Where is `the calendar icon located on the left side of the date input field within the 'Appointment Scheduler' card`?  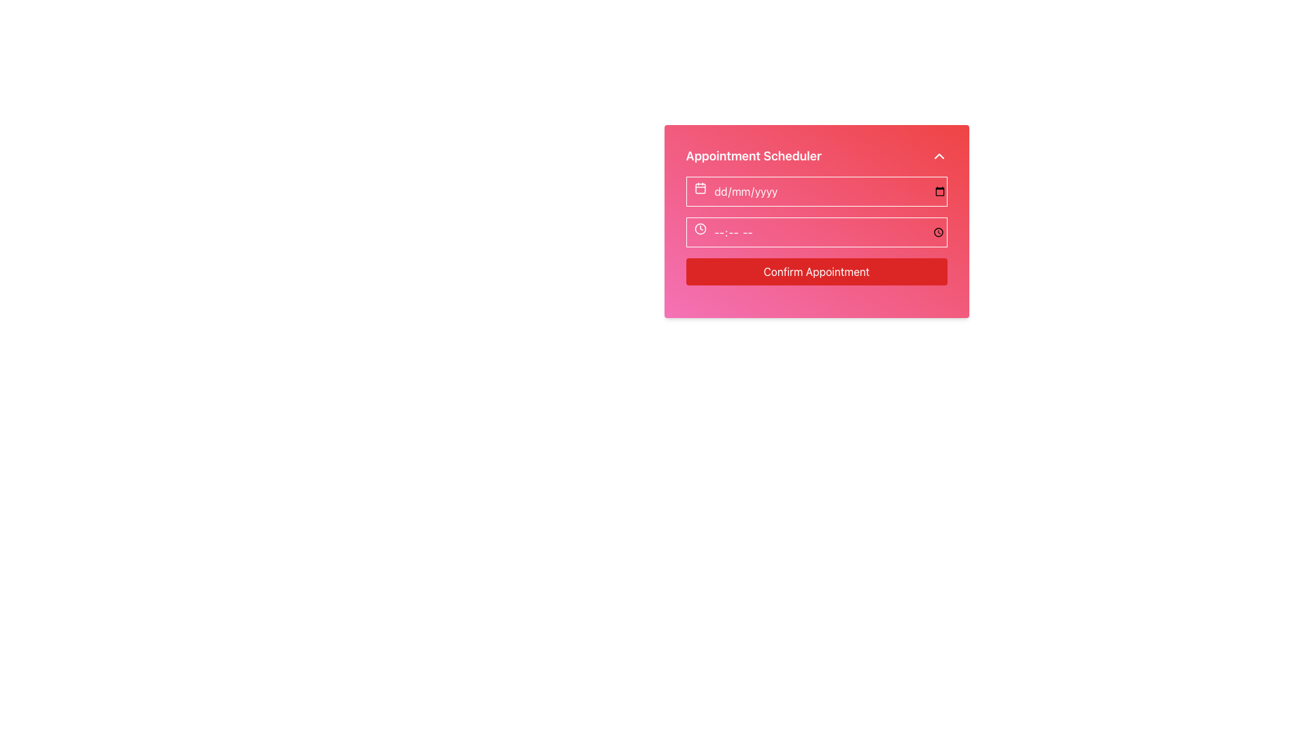 the calendar icon located on the left side of the date input field within the 'Appointment Scheduler' card is located at coordinates (700, 188).